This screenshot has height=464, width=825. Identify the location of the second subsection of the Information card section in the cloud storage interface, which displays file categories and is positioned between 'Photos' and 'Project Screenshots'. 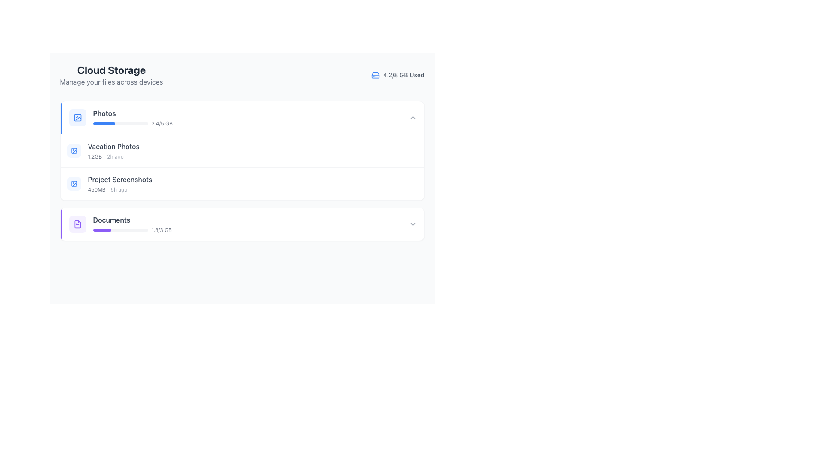
(241, 150).